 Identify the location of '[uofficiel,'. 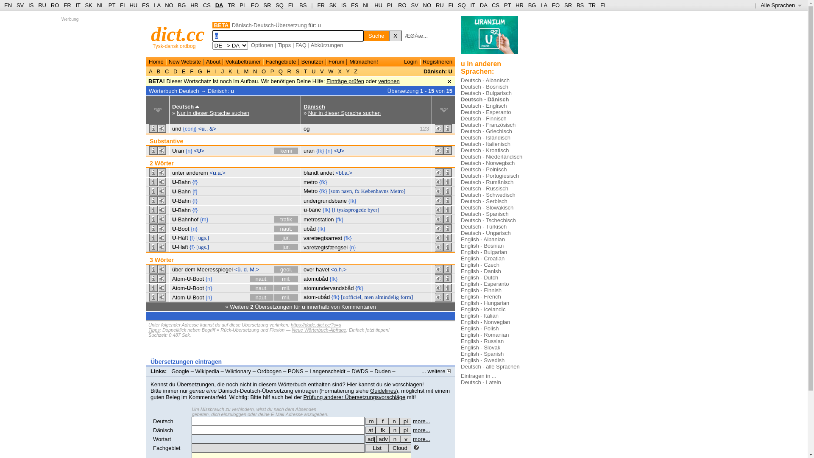
(341, 296).